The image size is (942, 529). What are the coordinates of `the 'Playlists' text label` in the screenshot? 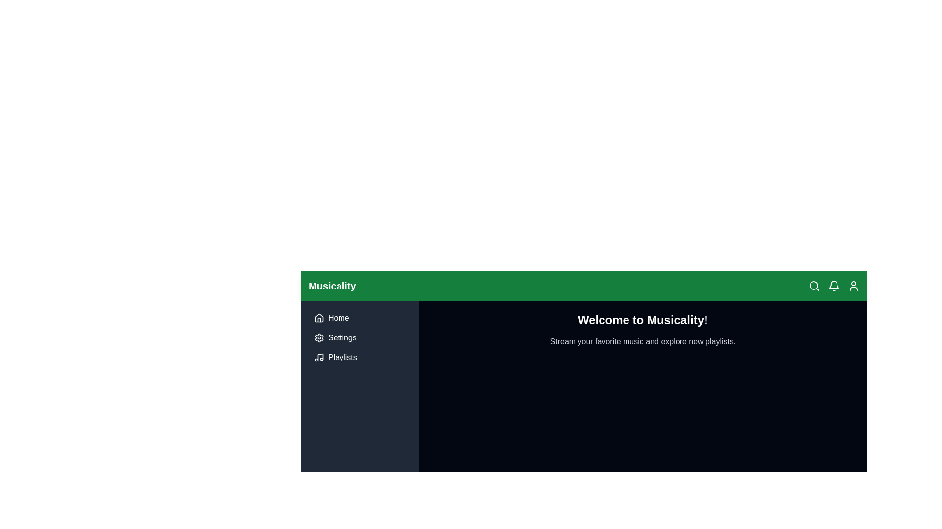 It's located at (342, 357).